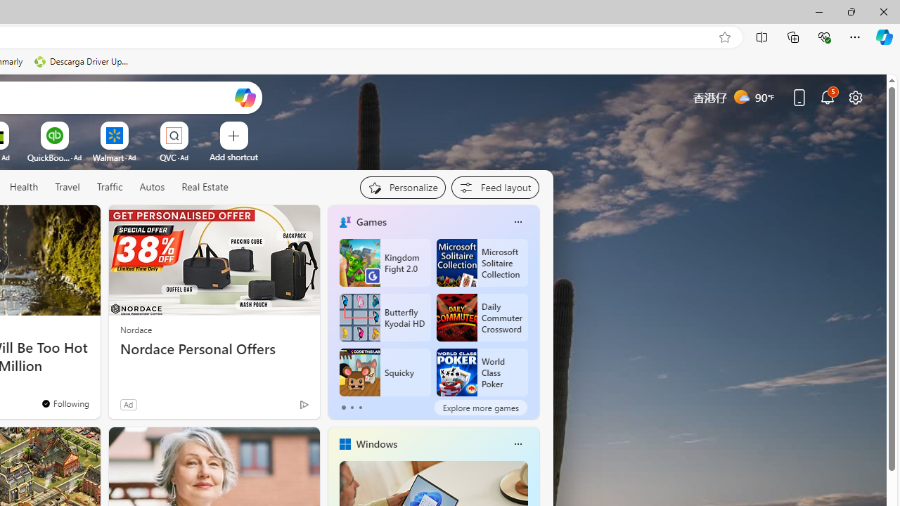 The width and height of the screenshot is (900, 506). Describe the element at coordinates (108, 186) in the screenshot. I see `'Traffic'` at that location.